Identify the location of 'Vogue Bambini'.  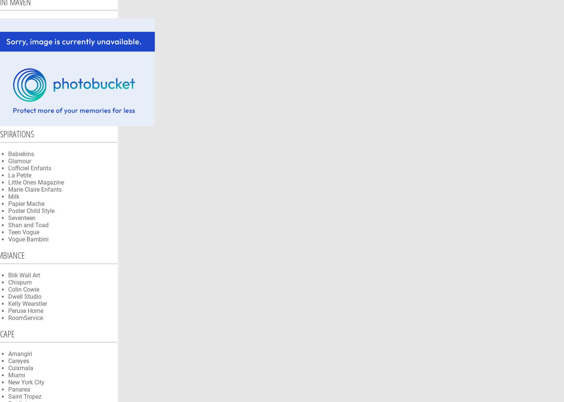
(28, 239).